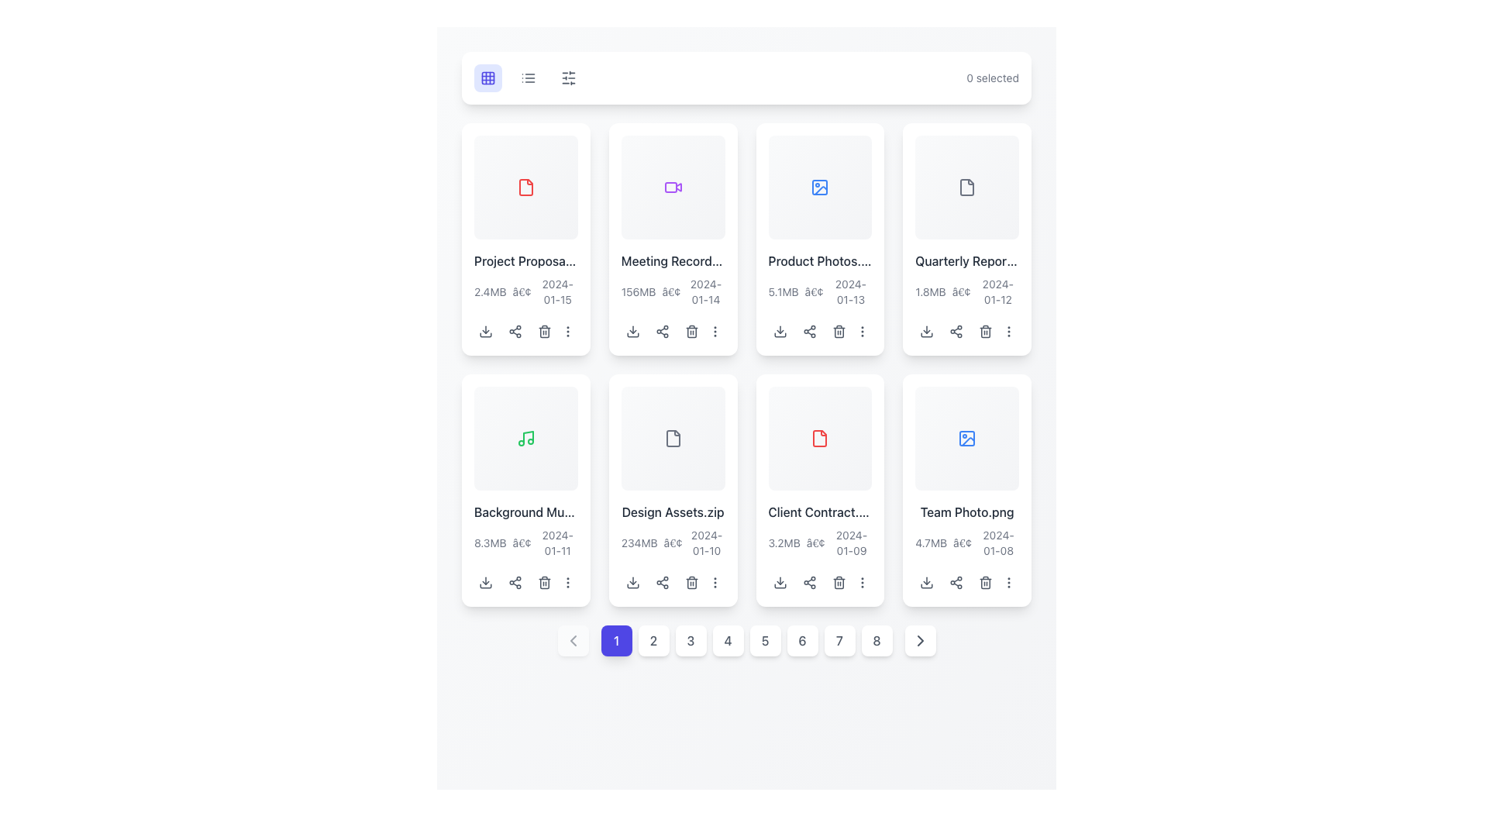 Image resolution: width=1488 pixels, height=837 pixels. Describe the element at coordinates (525, 186) in the screenshot. I see `the grid item containing the red outlined file icon representing 'Project Proposal.pdf'` at that location.